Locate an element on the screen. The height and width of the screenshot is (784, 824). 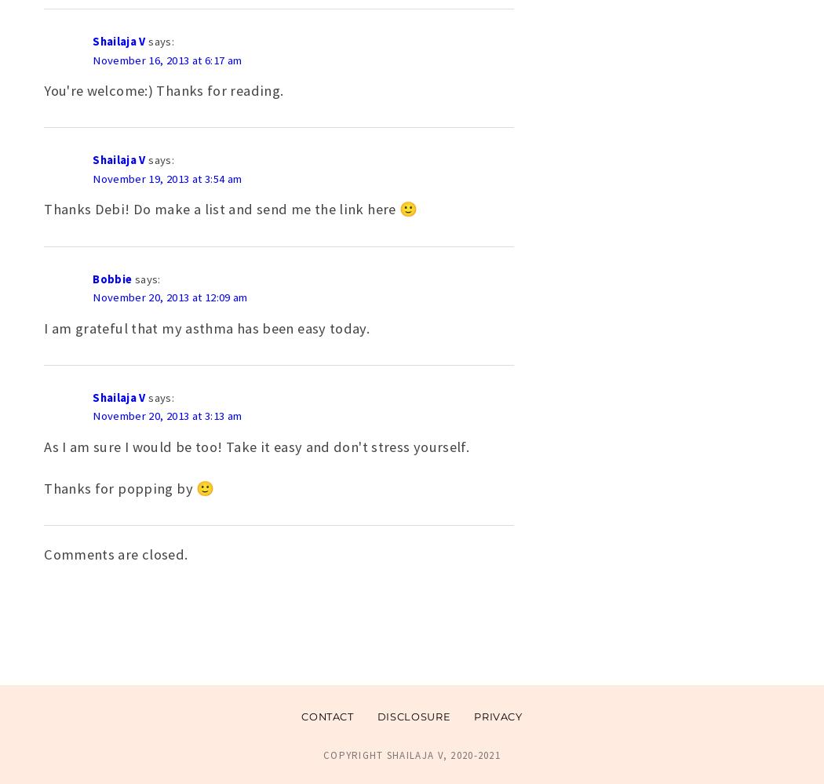
'November 19, 2013 at 3:54 am' is located at coordinates (166, 177).